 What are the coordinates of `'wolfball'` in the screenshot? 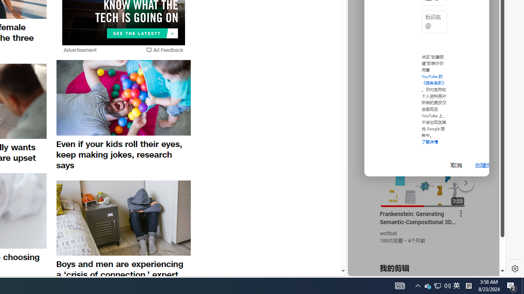 It's located at (388, 234).